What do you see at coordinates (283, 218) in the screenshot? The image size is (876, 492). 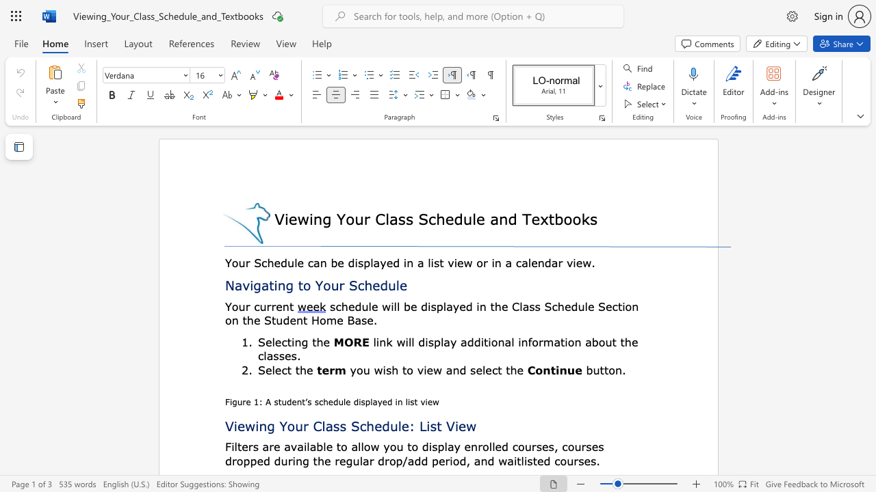 I see `the subset text "iewing You" within the text "Viewing Your Class Schedule and Textbooks"` at bounding box center [283, 218].